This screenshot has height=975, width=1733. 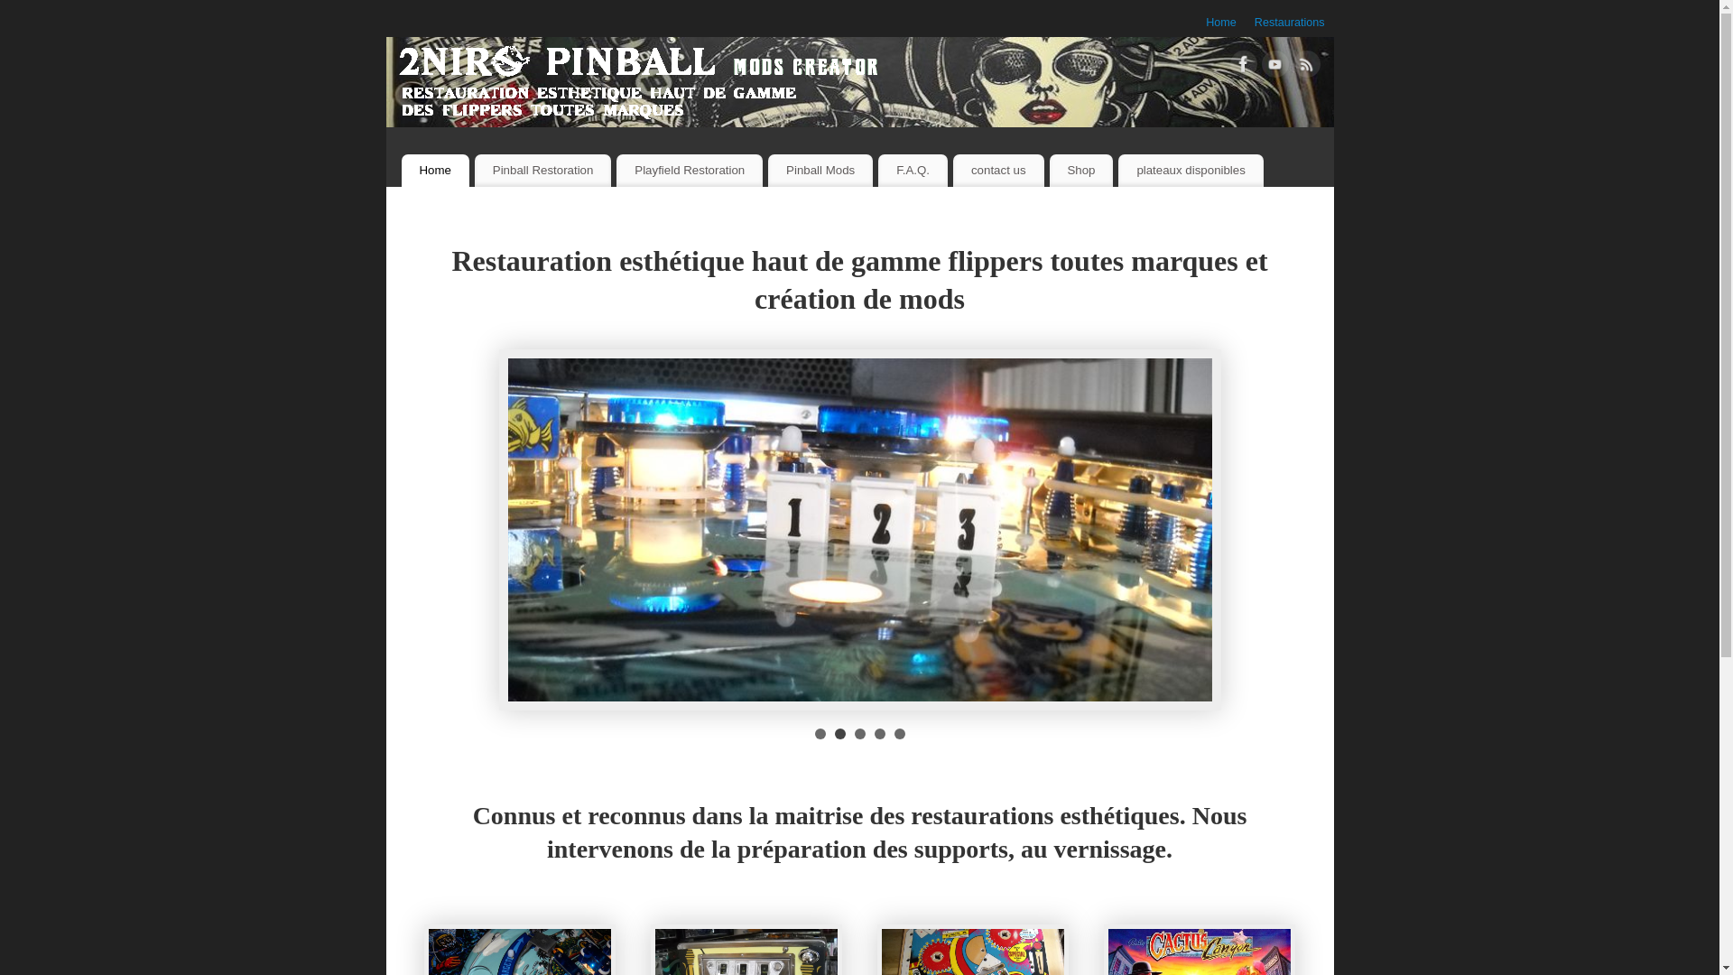 I want to click on 'Pinball Mods', so click(x=819, y=171).